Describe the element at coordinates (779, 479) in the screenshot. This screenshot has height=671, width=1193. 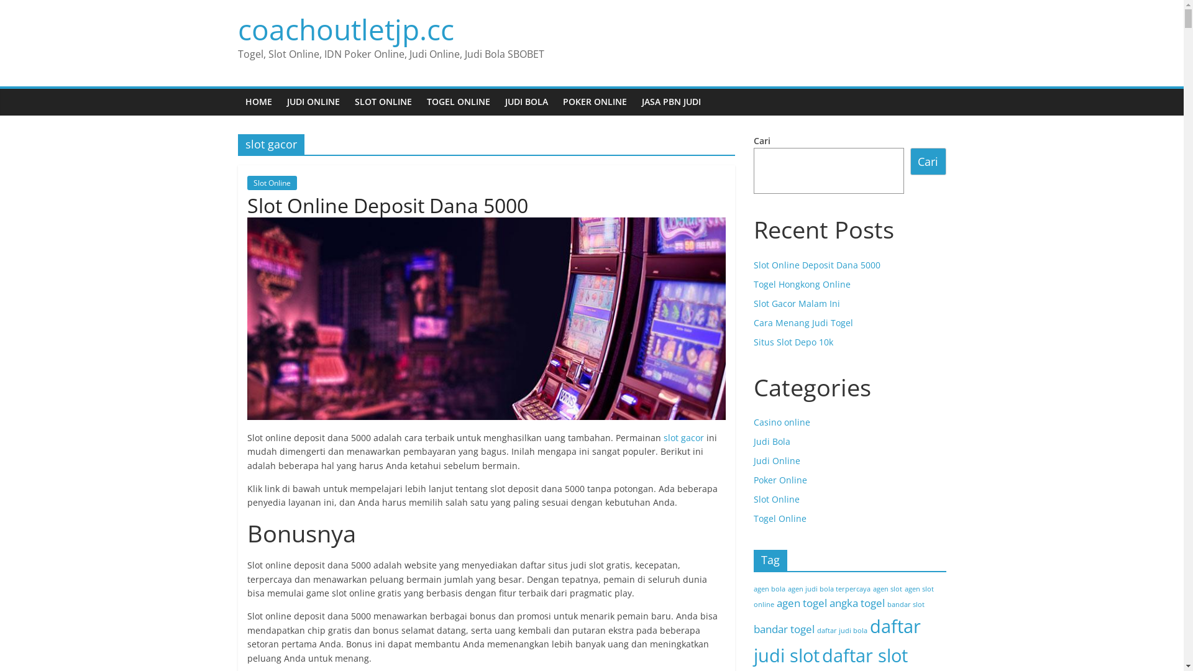
I see `'Poker Online'` at that location.